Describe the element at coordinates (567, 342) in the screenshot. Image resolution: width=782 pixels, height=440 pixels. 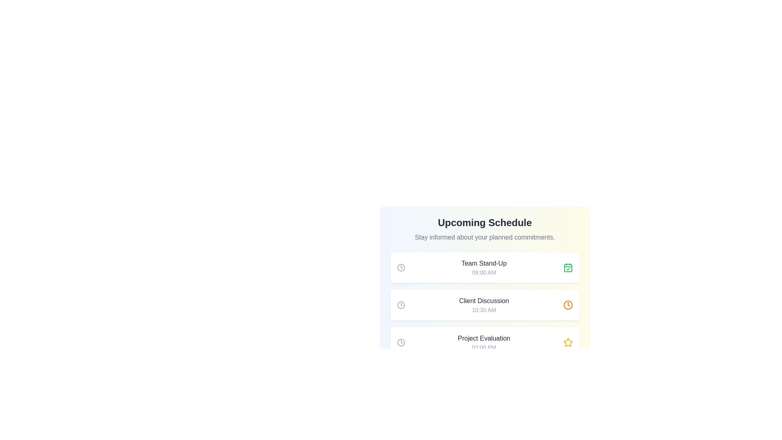
I see `the star-shaped icon with a yellow outline, which indicates a rating or favorite marker, located in the 'Project Evaluation' entry of the 'Upcoming Schedule' interface` at that location.